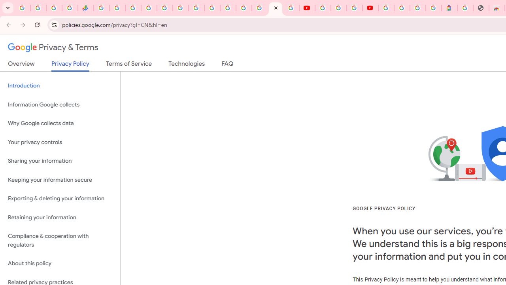 The width and height of the screenshot is (506, 285). What do you see at coordinates (8, 8) in the screenshot?
I see `'Search tabs'` at bounding box center [8, 8].